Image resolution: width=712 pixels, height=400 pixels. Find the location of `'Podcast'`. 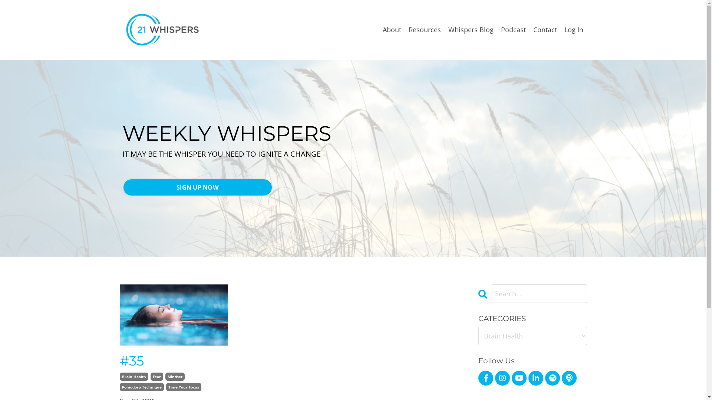

'Podcast' is located at coordinates (500, 29).